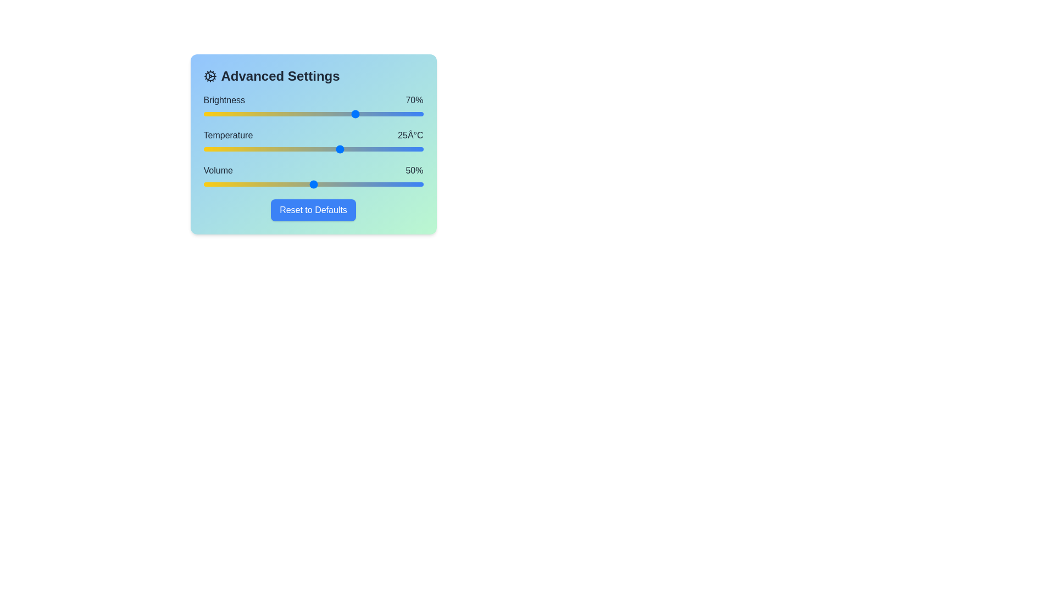 The height and width of the screenshot is (593, 1055). I want to click on the temperature slider to set the temperature to 0 degrees Celsius, so click(203, 149).